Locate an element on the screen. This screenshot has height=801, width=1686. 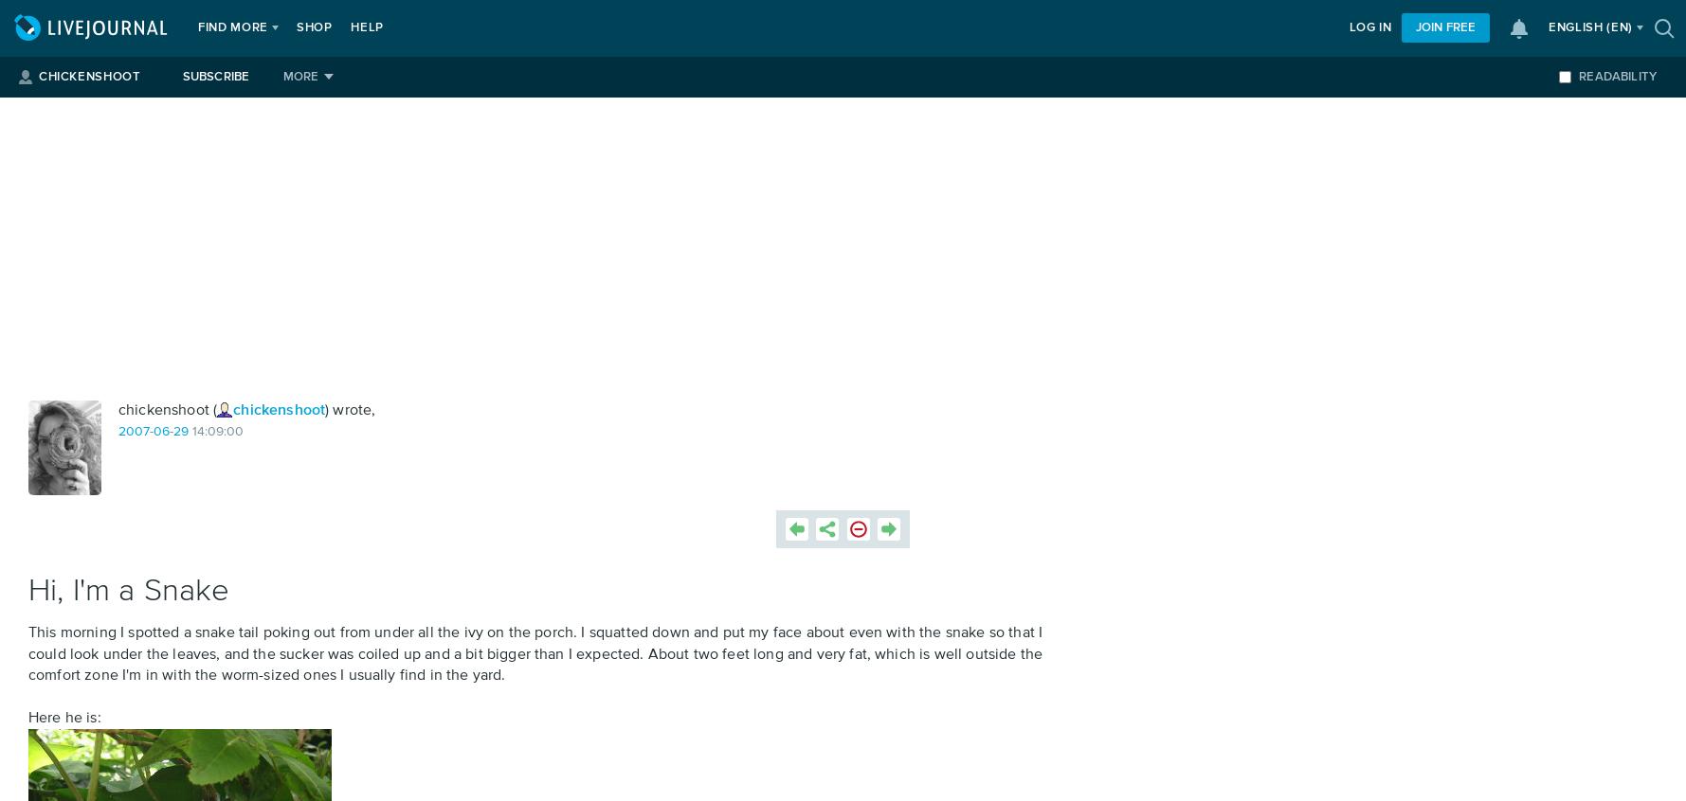
'More' is located at coordinates (283, 77).